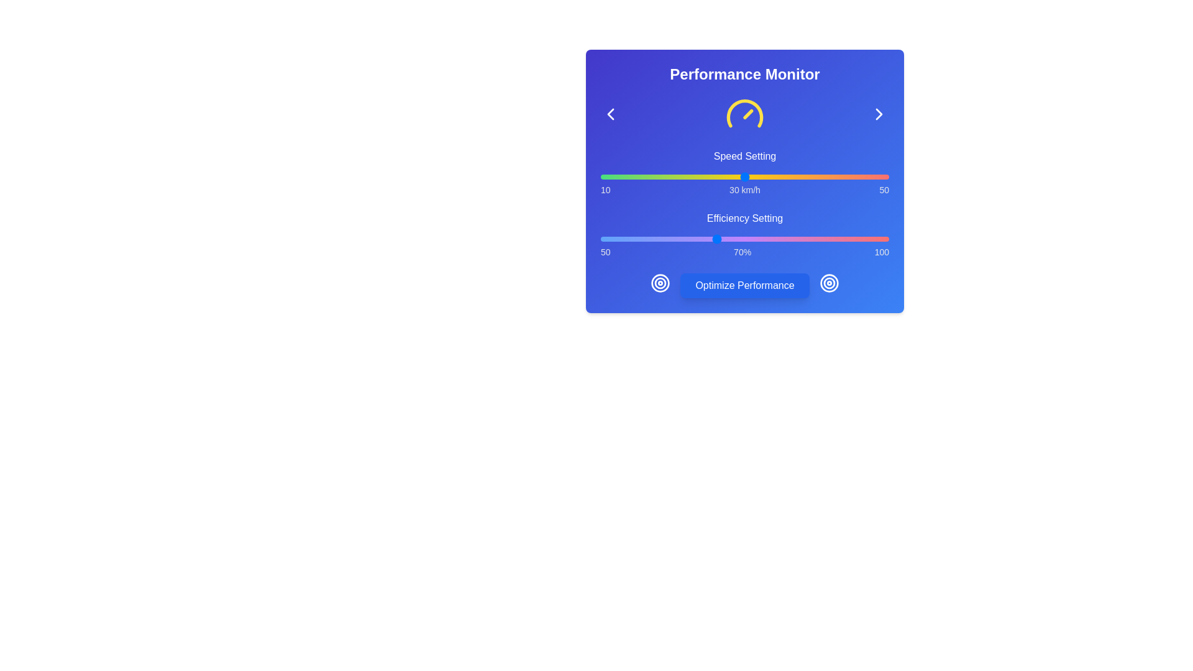  Describe the element at coordinates (879, 114) in the screenshot. I see `right-chevron button to navigate forward` at that location.